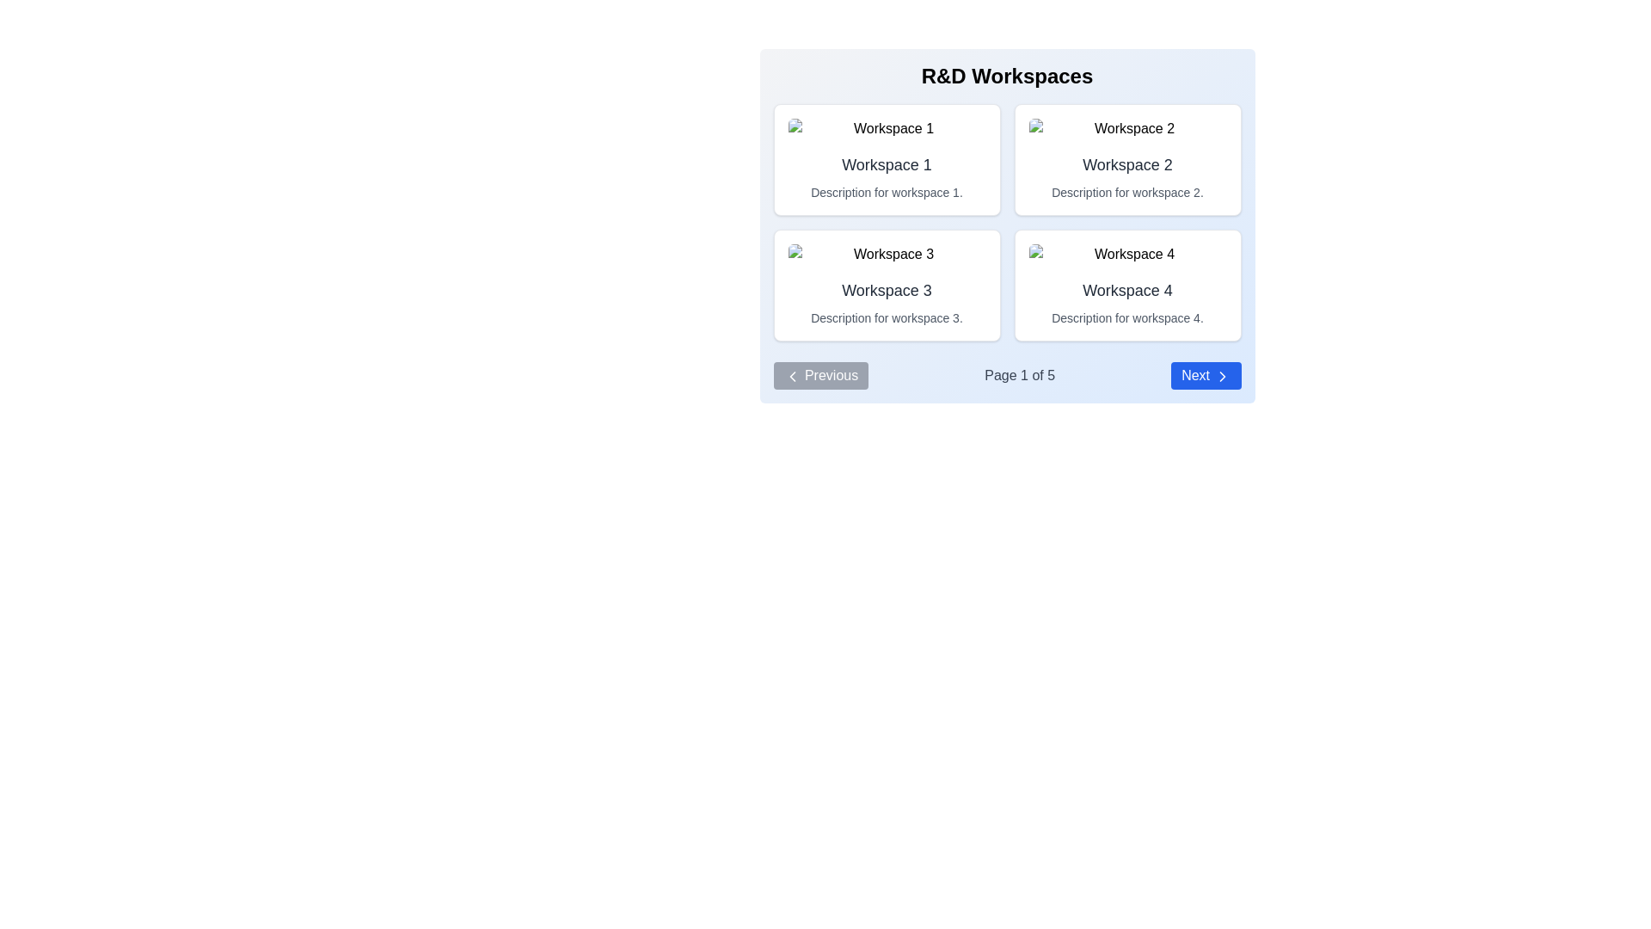  Describe the element at coordinates (1127, 318) in the screenshot. I see `the text label that provides descriptive text for 'Workspace 4', located in the bottom section of the card in the bottom-right quadrant of the grid layout` at that location.